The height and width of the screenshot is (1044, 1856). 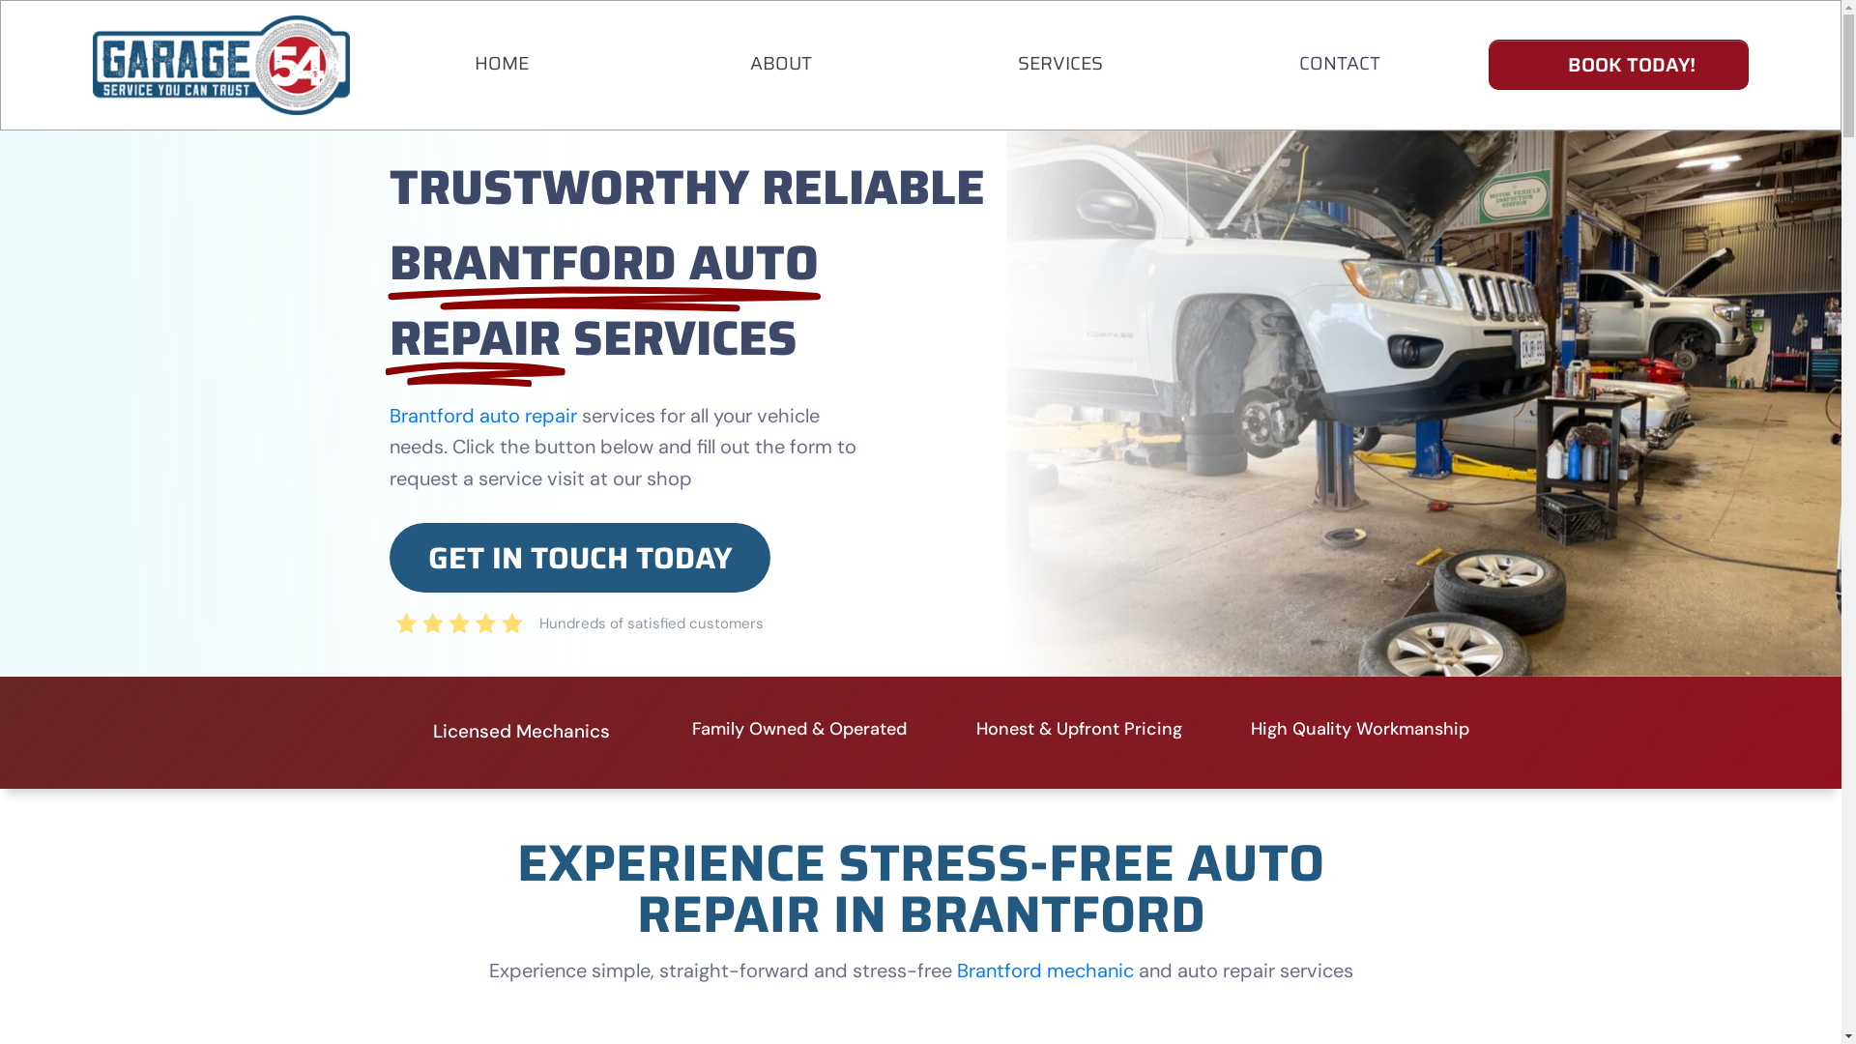 What do you see at coordinates (780, 62) in the screenshot?
I see `'ABOUT'` at bounding box center [780, 62].